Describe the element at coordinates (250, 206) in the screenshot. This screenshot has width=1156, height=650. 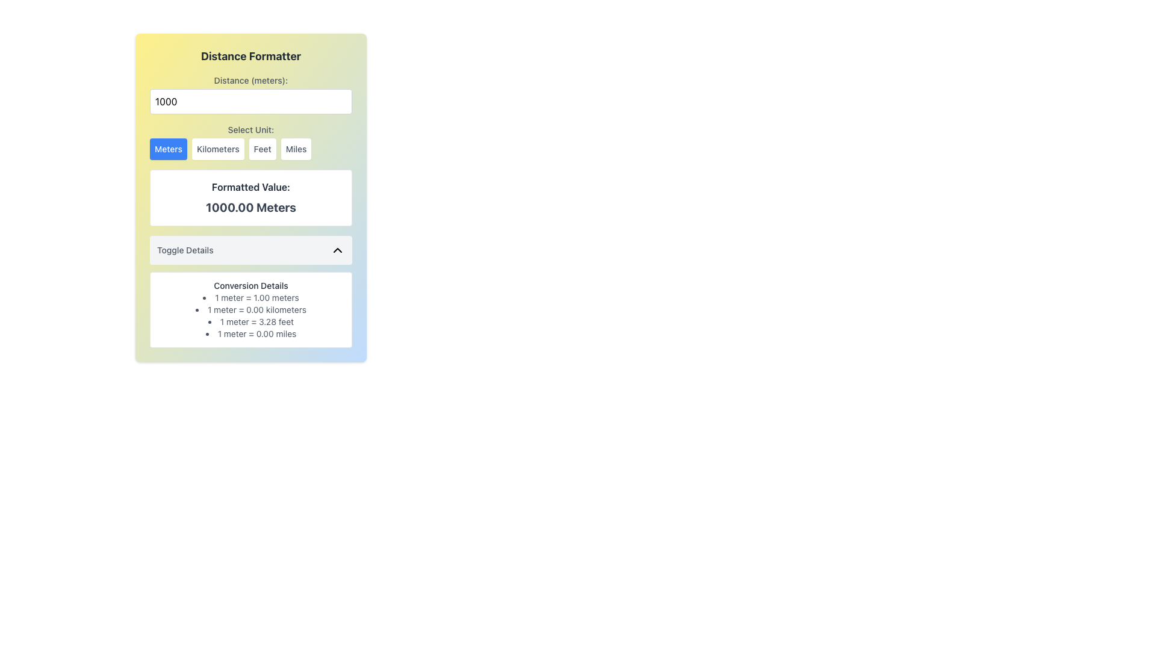
I see `the Text Label displaying '1000.00 Meters', which is centrally located within the 'Distance Formatter' interface and is bold with a grayish tone` at that location.